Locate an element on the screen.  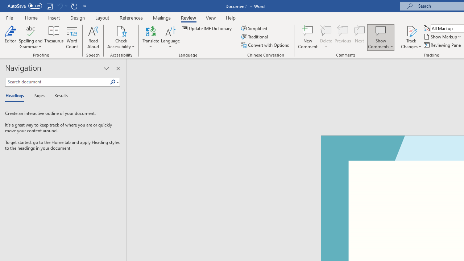
'Track Changes' is located at coordinates (411, 37).